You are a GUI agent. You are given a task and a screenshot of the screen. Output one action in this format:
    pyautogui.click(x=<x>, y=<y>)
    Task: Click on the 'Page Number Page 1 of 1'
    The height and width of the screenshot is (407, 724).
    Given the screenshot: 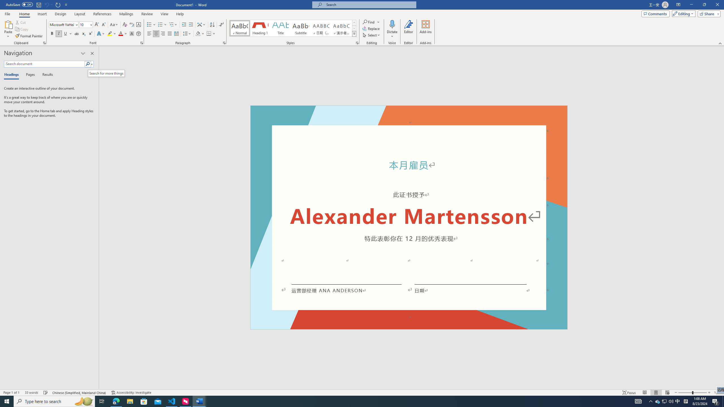 What is the action you would take?
    pyautogui.click(x=11, y=393)
    